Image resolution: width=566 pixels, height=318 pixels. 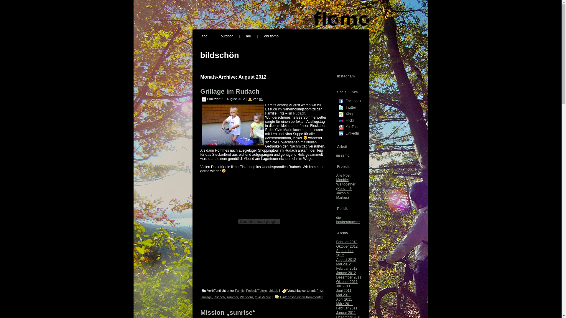 What do you see at coordinates (271, 36) in the screenshot?
I see `'old flomo'` at bounding box center [271, 36].